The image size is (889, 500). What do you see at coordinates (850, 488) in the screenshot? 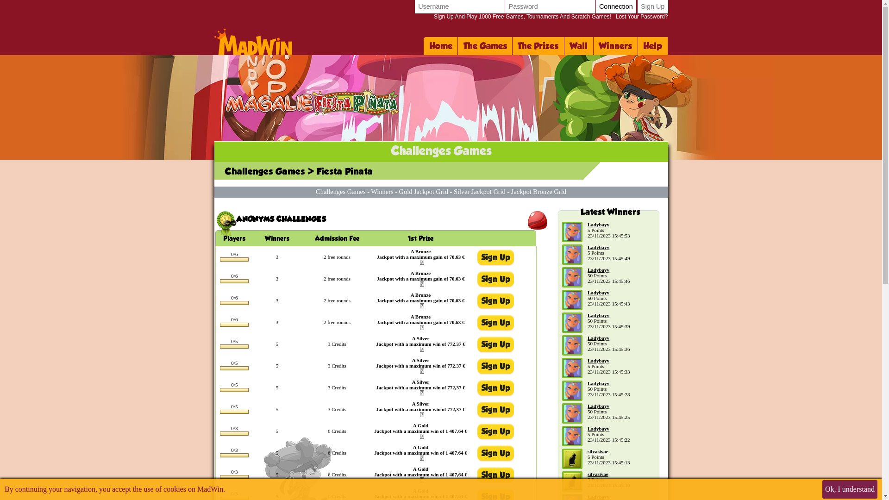
I see `'Ok, I understand'` at bounding box center [850, 488].